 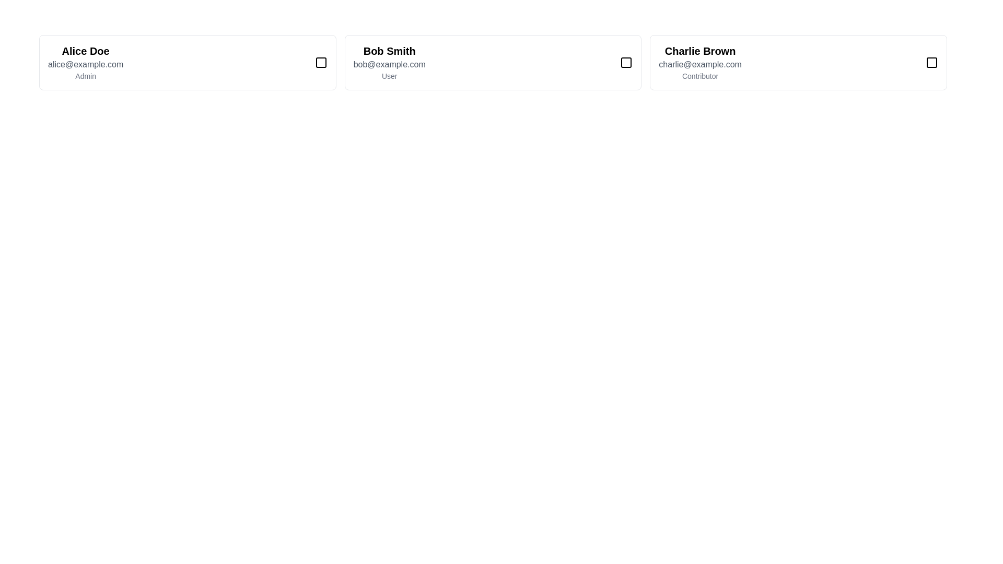 I want to click on the small square-shaped button with a hollow outline located in the top-right corner of the card containing 'Bob Smith' and 'bob@example.com', so click(x=626, y=62).